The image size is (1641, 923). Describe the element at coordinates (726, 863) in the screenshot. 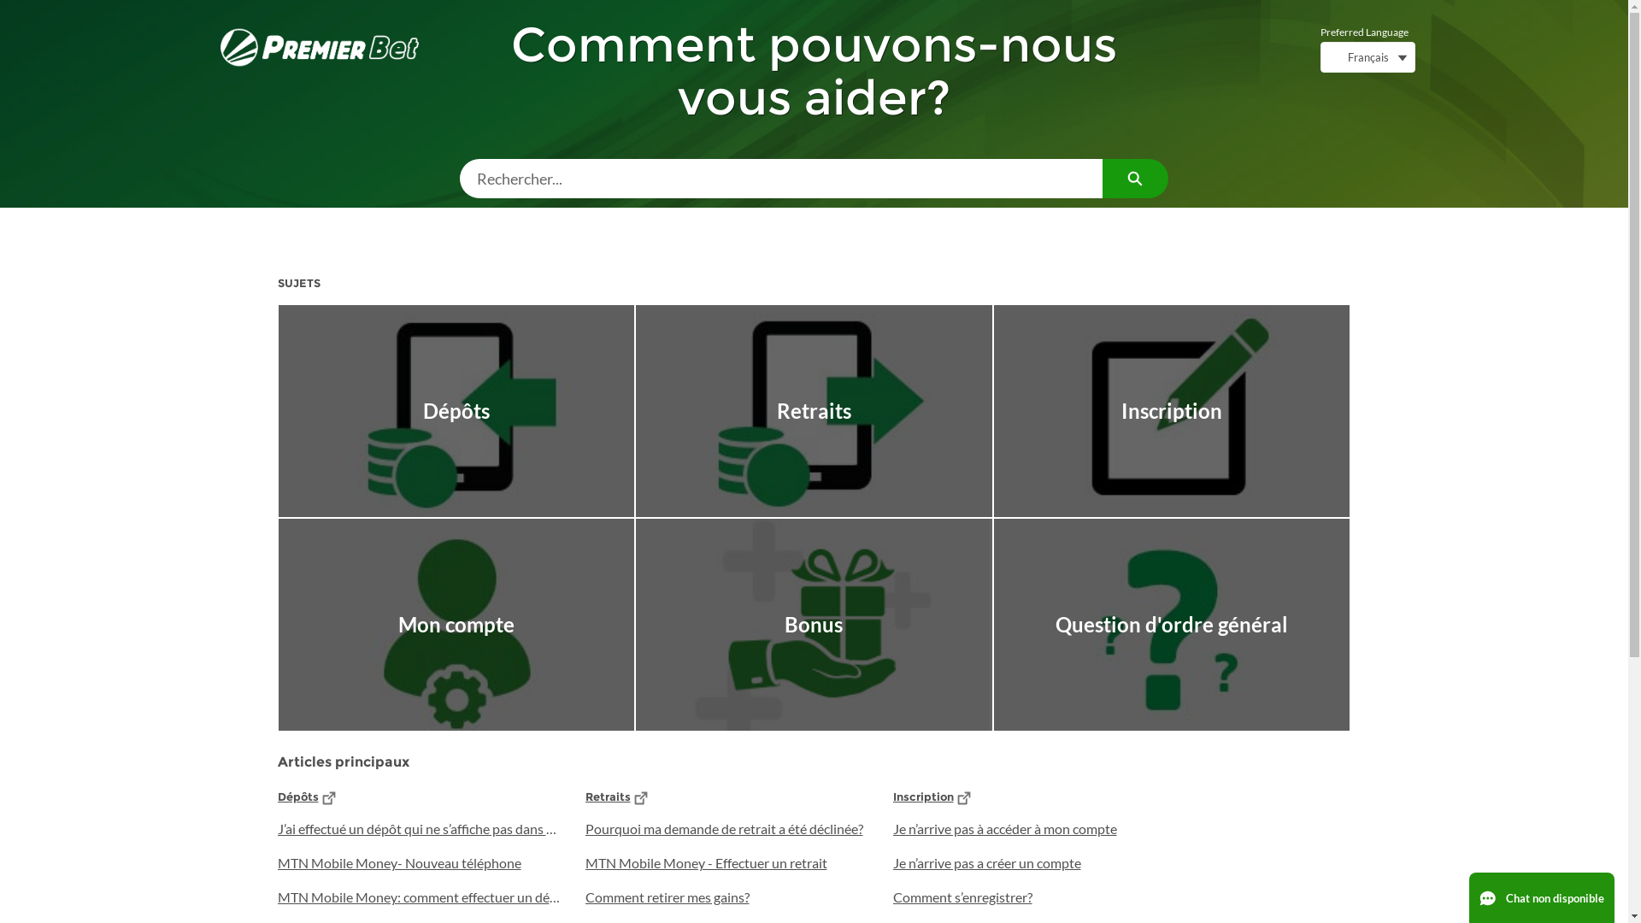

I see `'MTN Mobile Money - Effectuer un retrait'` at that location.